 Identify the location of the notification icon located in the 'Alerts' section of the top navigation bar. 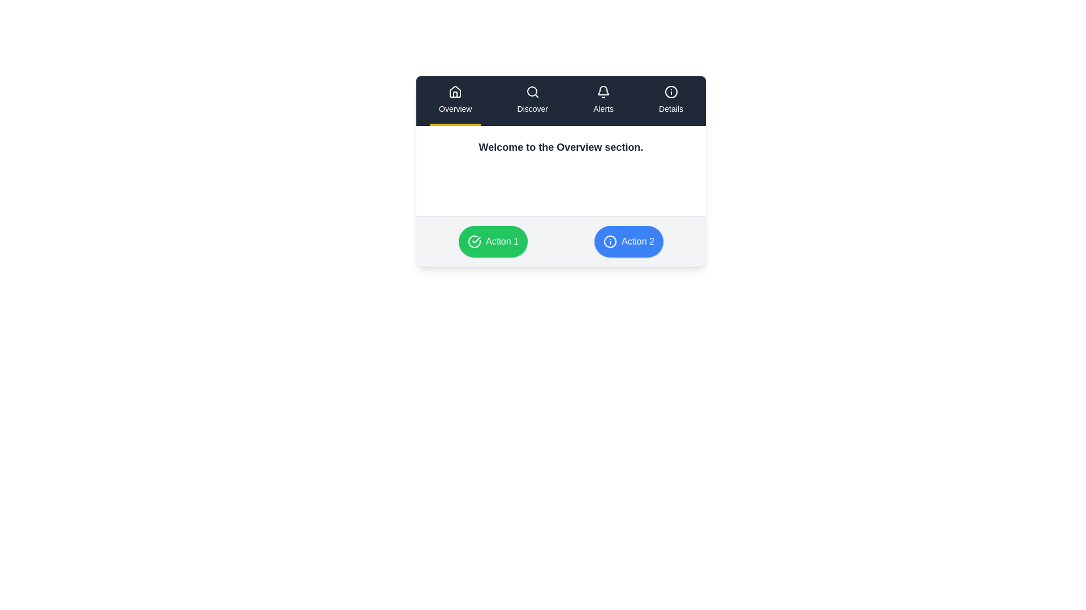
(603, 91).